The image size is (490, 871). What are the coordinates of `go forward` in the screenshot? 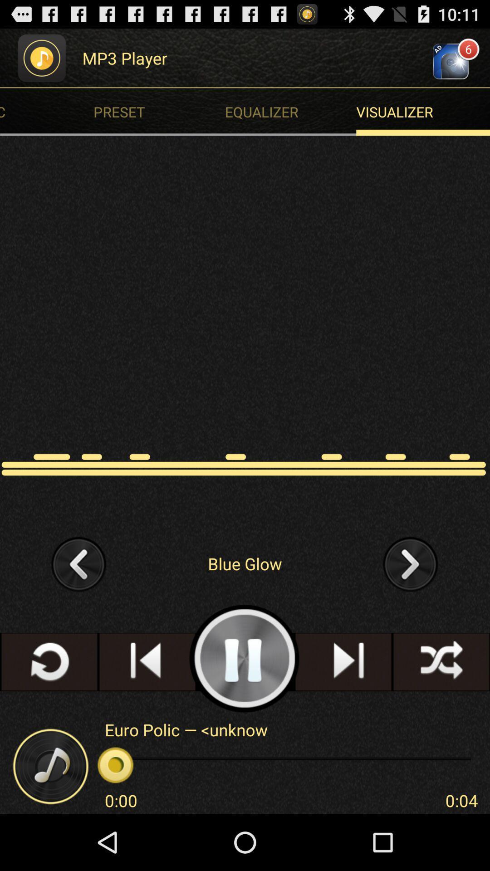 It's located at (411, 563).